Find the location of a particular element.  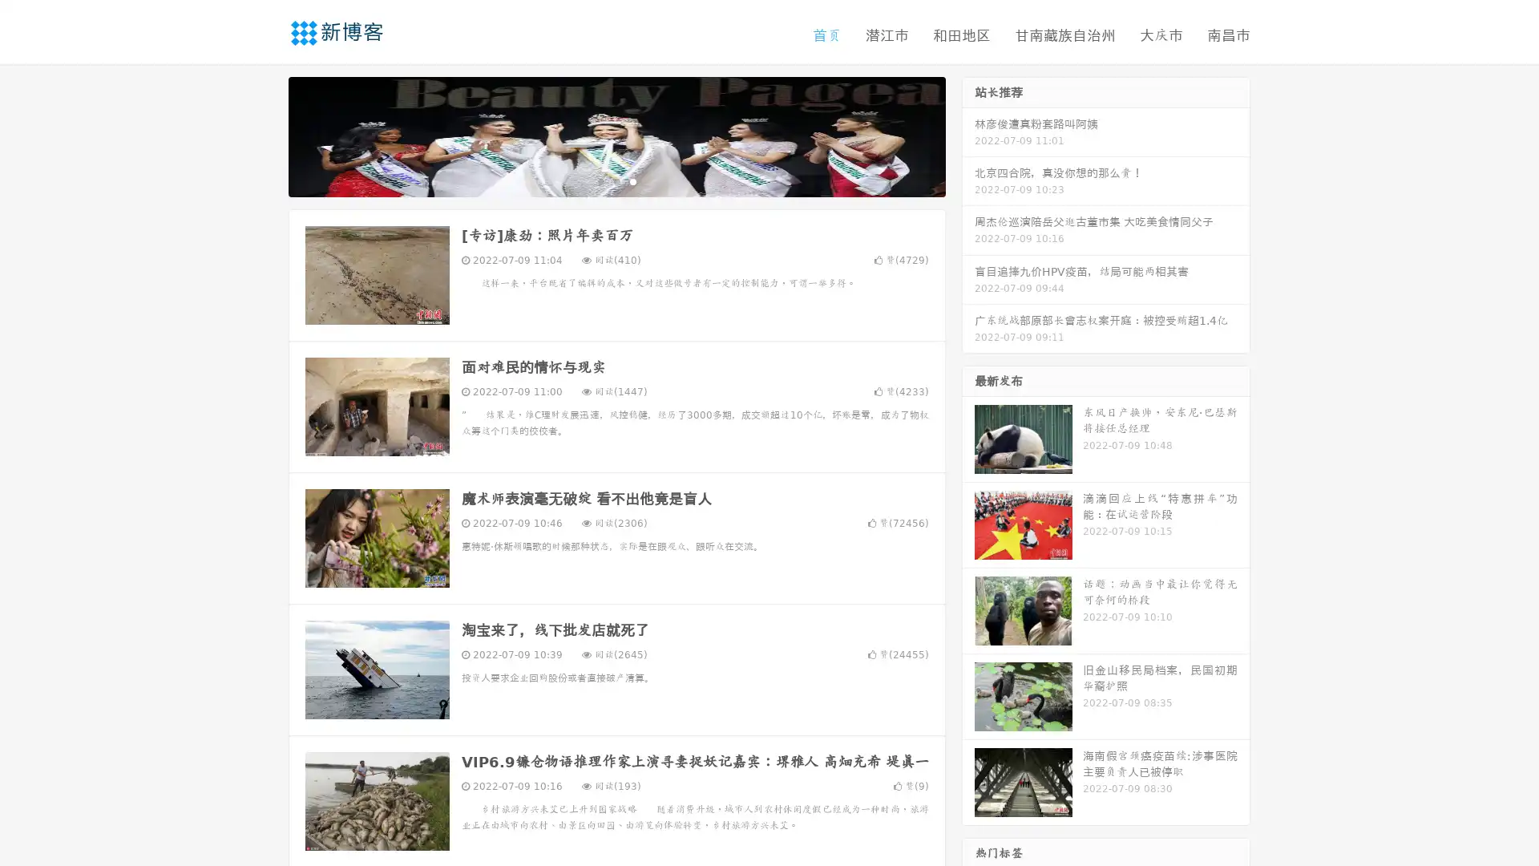

Next slide is located at coordinates (968, 135).